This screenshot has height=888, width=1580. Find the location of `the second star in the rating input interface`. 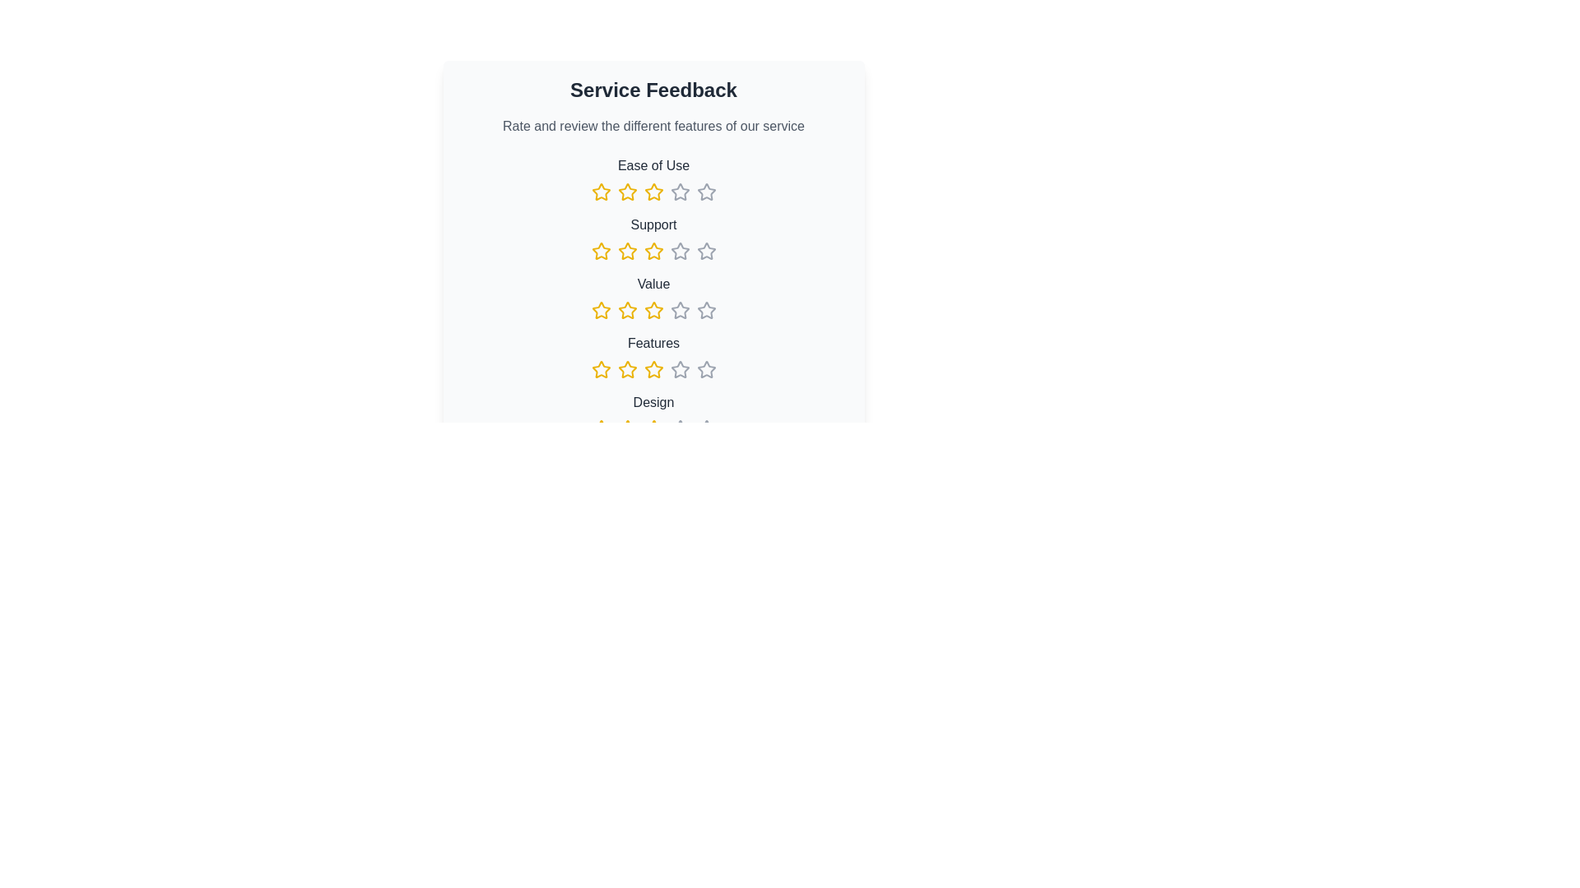

the second star in the rating input interface is located at coordinates (626, 311).